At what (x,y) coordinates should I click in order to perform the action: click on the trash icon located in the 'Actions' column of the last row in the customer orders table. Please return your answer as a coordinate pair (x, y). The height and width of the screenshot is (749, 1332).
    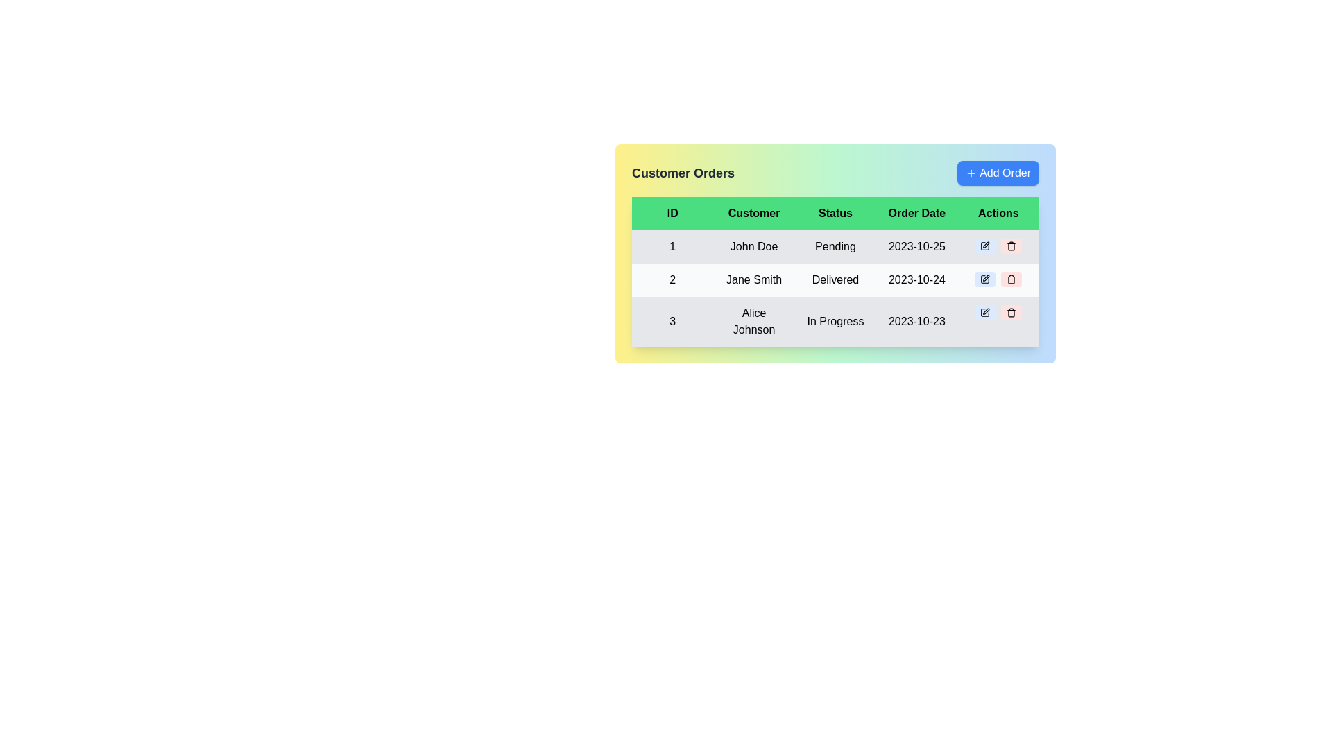
    Looking at the image, I should click on (1011, 313).